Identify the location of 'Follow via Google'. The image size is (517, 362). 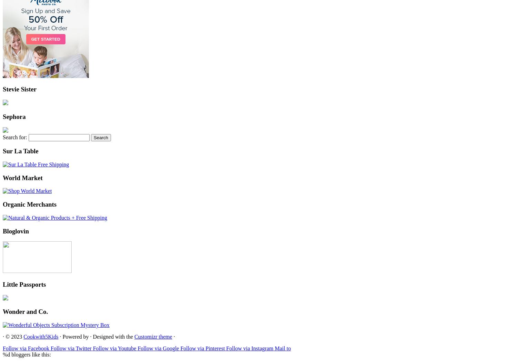
(158, 348).